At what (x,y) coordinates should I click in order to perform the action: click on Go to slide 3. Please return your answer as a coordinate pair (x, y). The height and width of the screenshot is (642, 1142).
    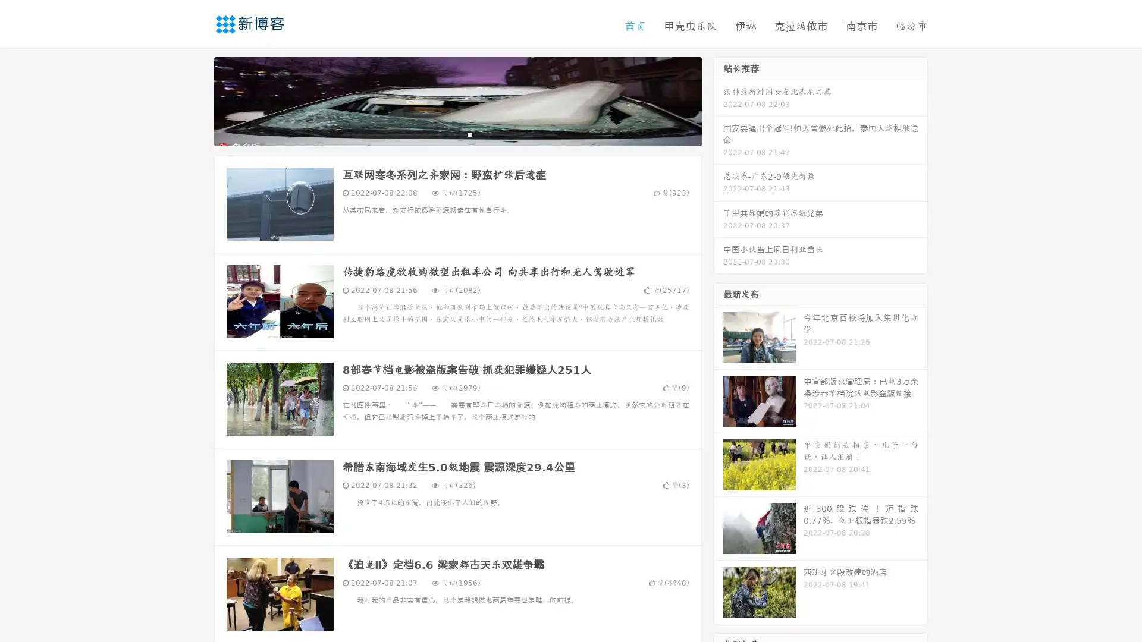
    Looking at the image, I should click on (469, 134).